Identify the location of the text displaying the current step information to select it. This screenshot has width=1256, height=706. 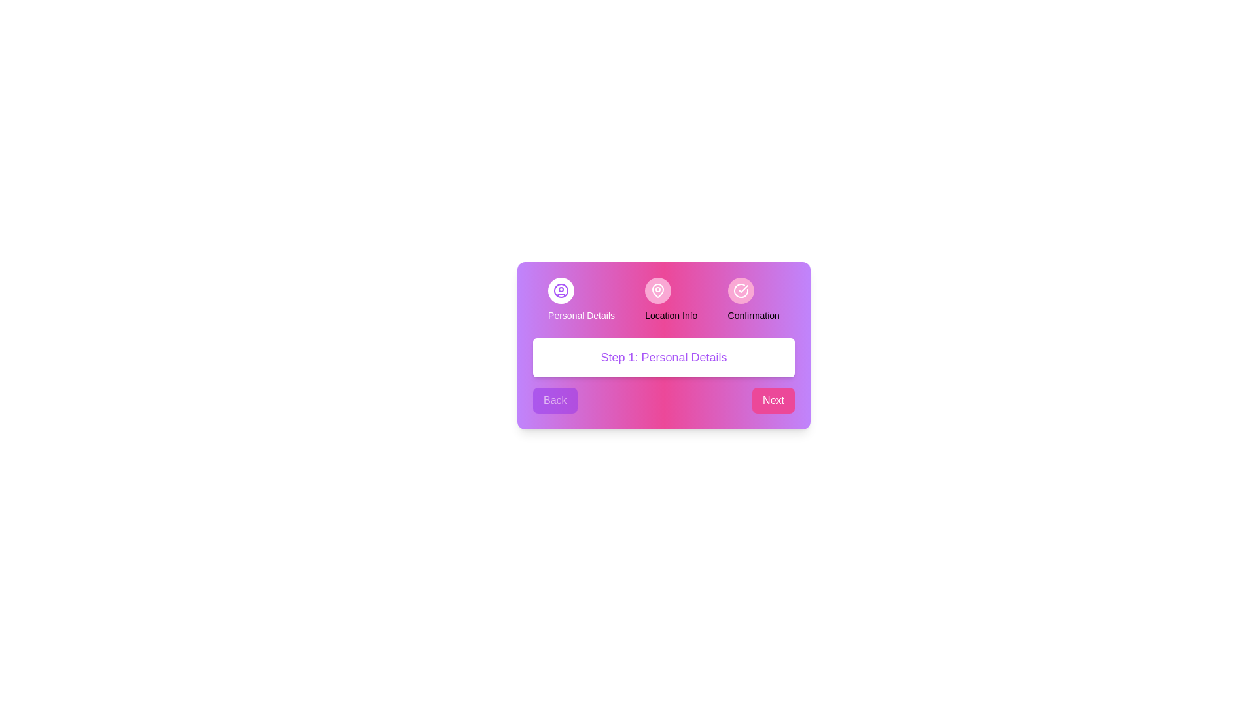
(663, 358).